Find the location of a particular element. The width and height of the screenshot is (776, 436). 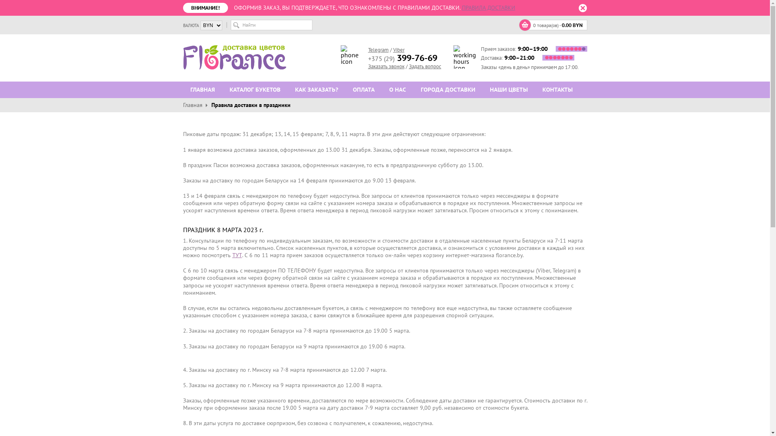

'/' is located at coordinates (391, 50).